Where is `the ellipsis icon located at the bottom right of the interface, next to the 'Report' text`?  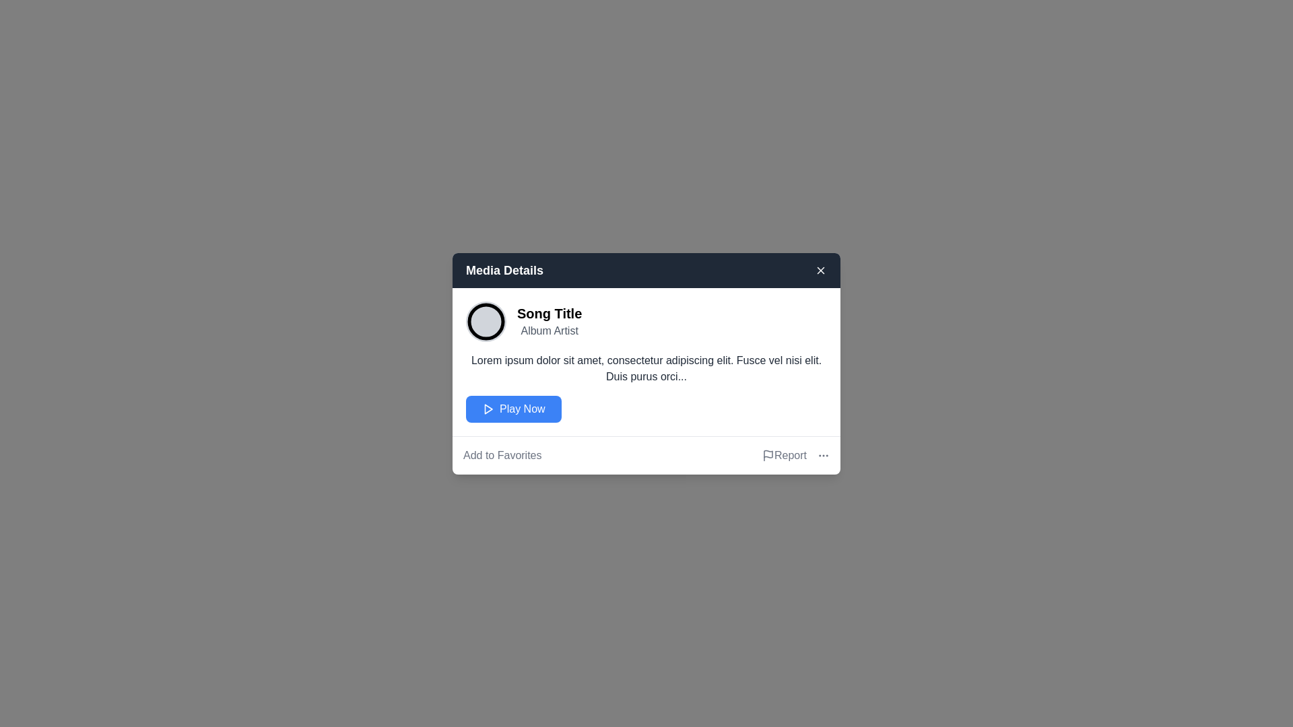
the ellipsis icon located at the bottom right of the interface, next to the 'Report' text is located at coordinates (823, 454).